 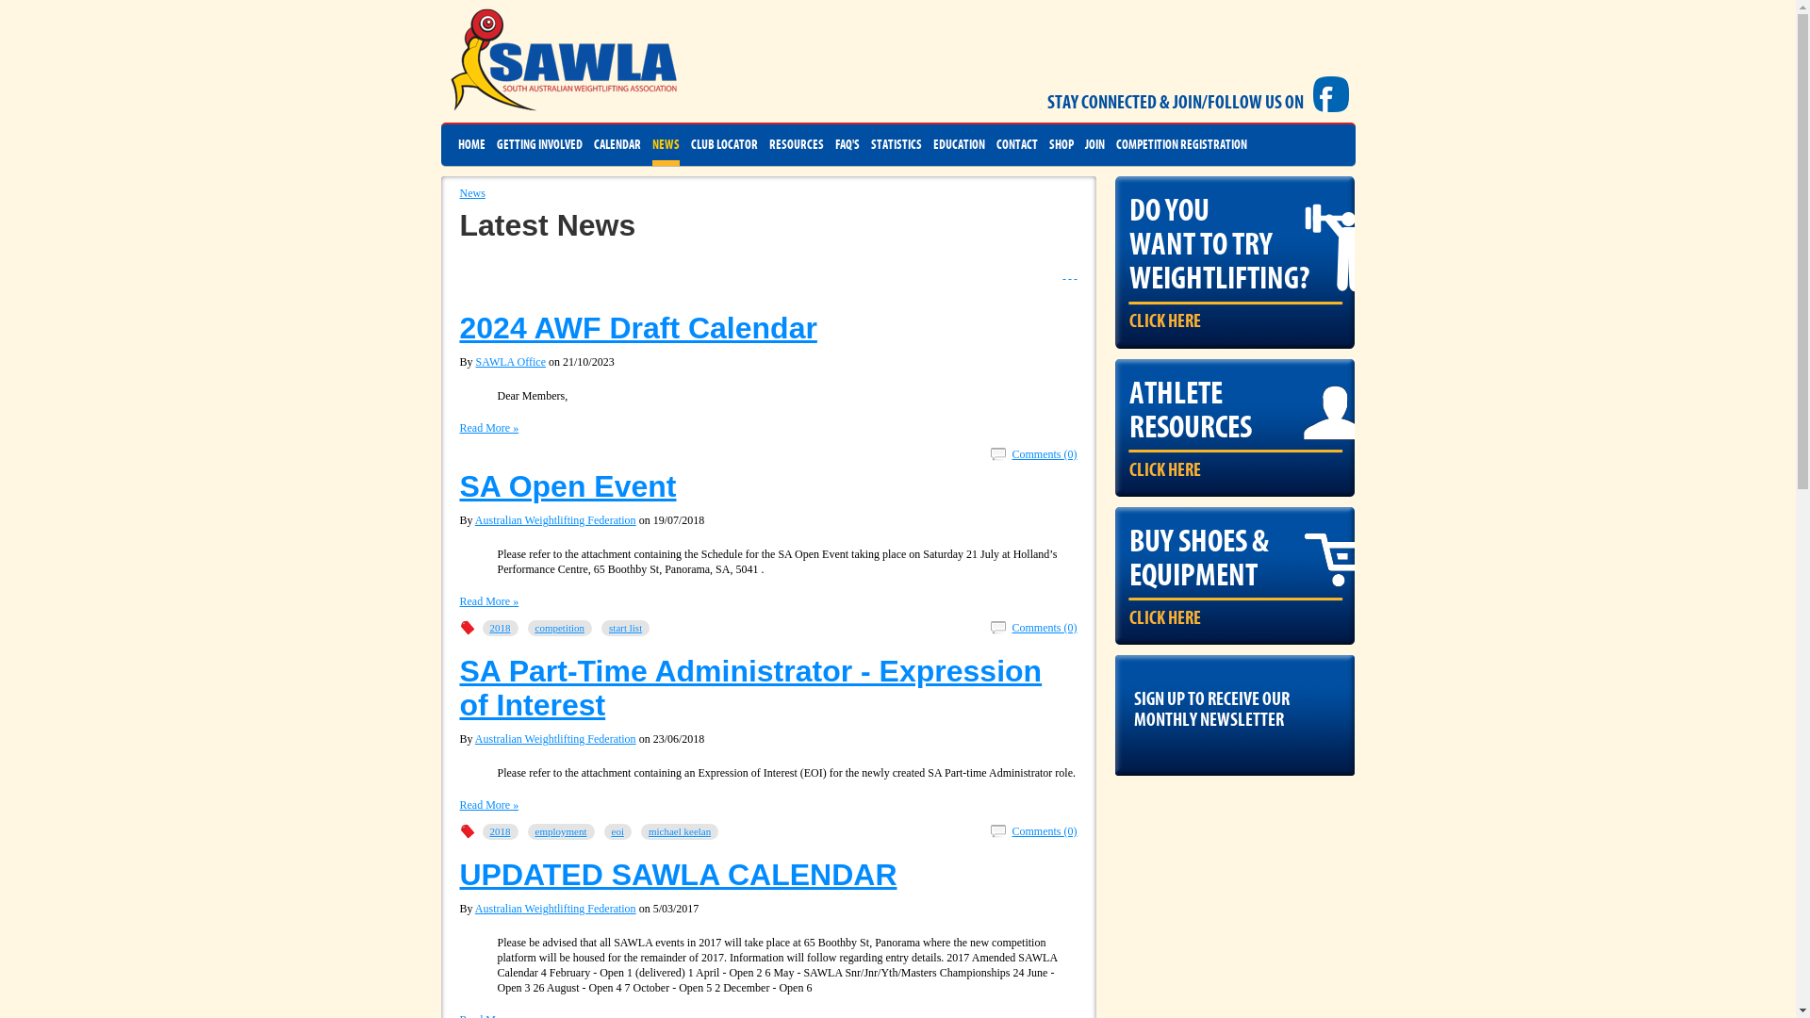 I want to click on 'competition', so click(x=559, y=628).